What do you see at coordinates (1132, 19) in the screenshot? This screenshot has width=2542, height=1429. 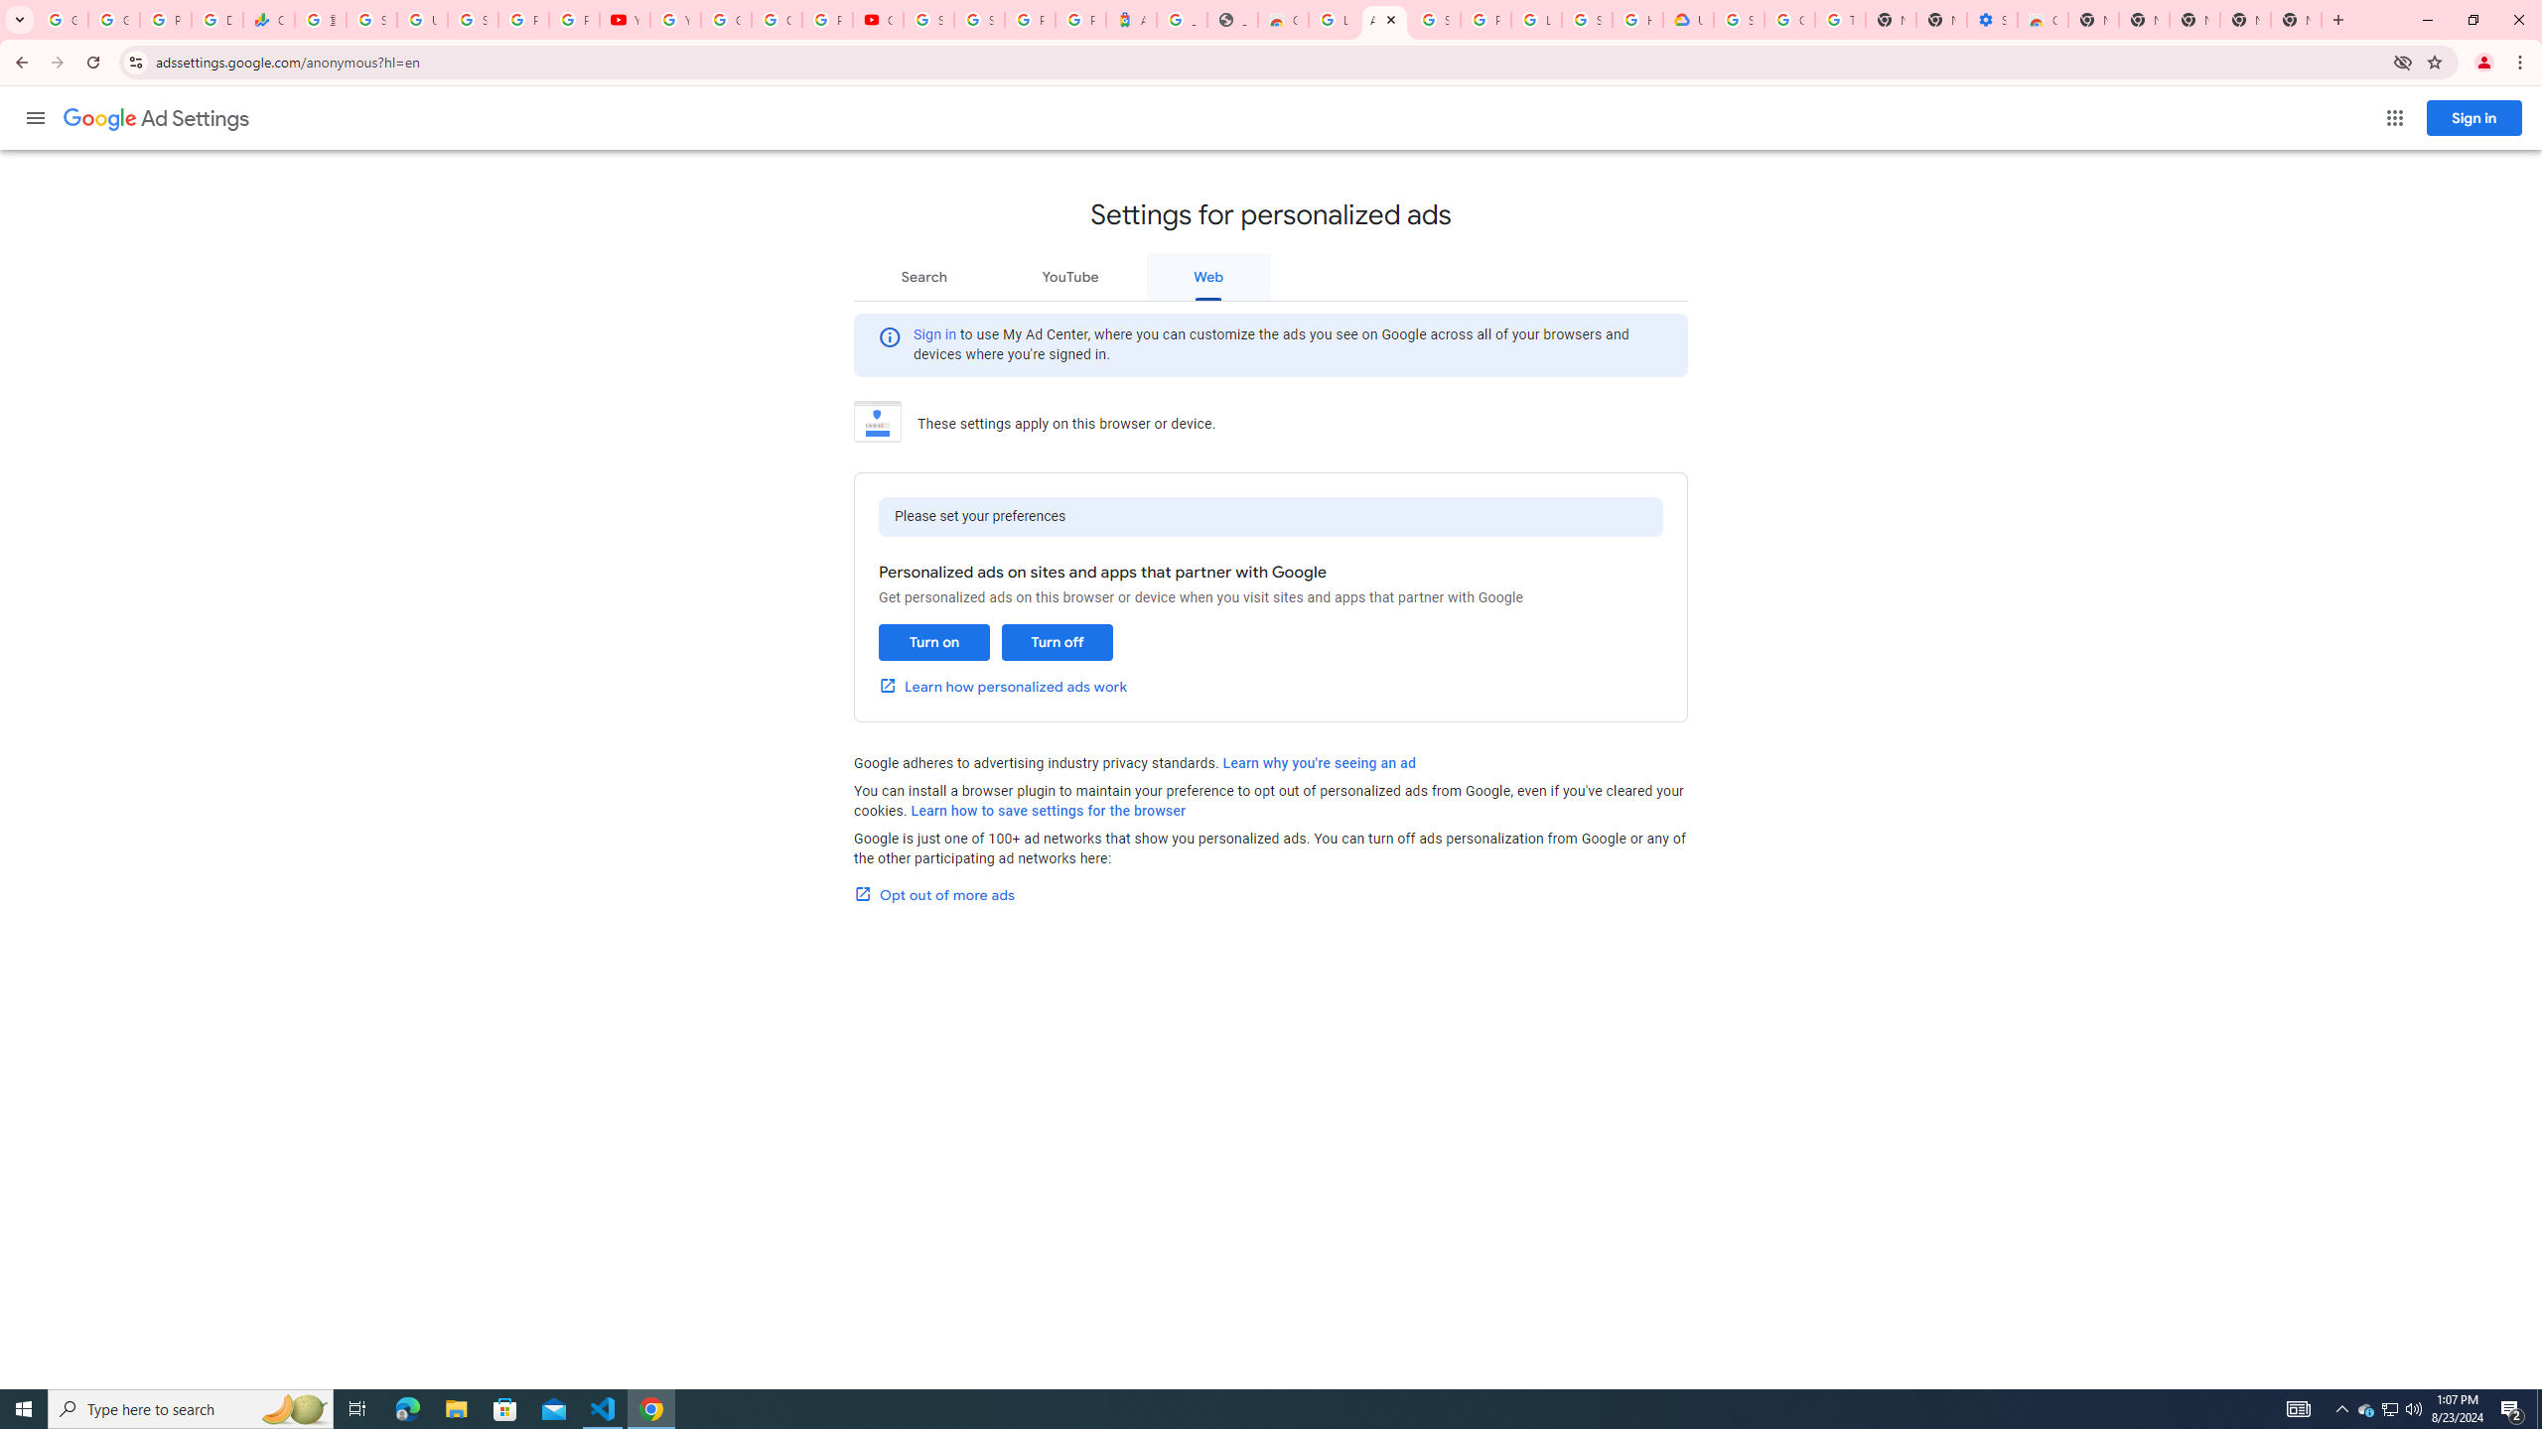 I see `'Atour Hotel - Google hotels'` at bounding box center [1132, 19].